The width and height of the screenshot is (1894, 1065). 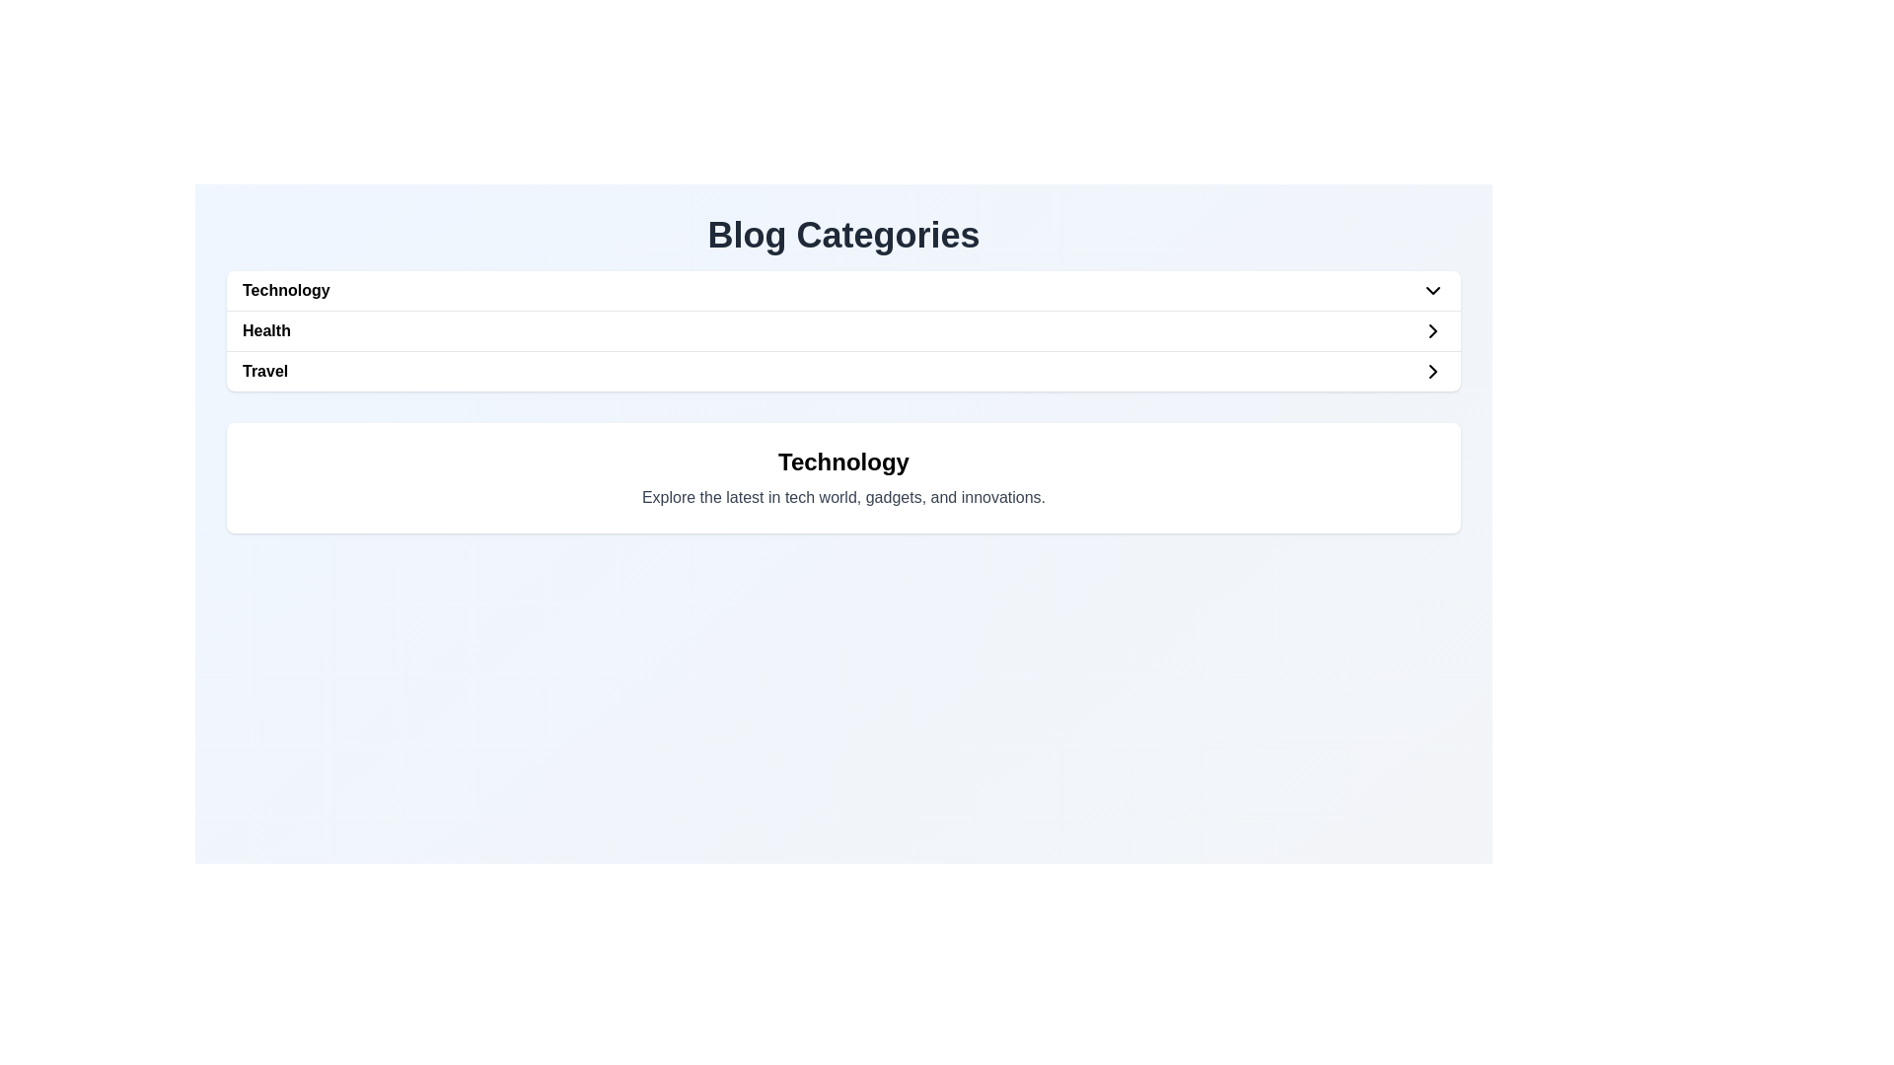 I want to click on the right-pointing chevron icon within the SVG element next to the 'Health' option, so click(x=1433, y=329).